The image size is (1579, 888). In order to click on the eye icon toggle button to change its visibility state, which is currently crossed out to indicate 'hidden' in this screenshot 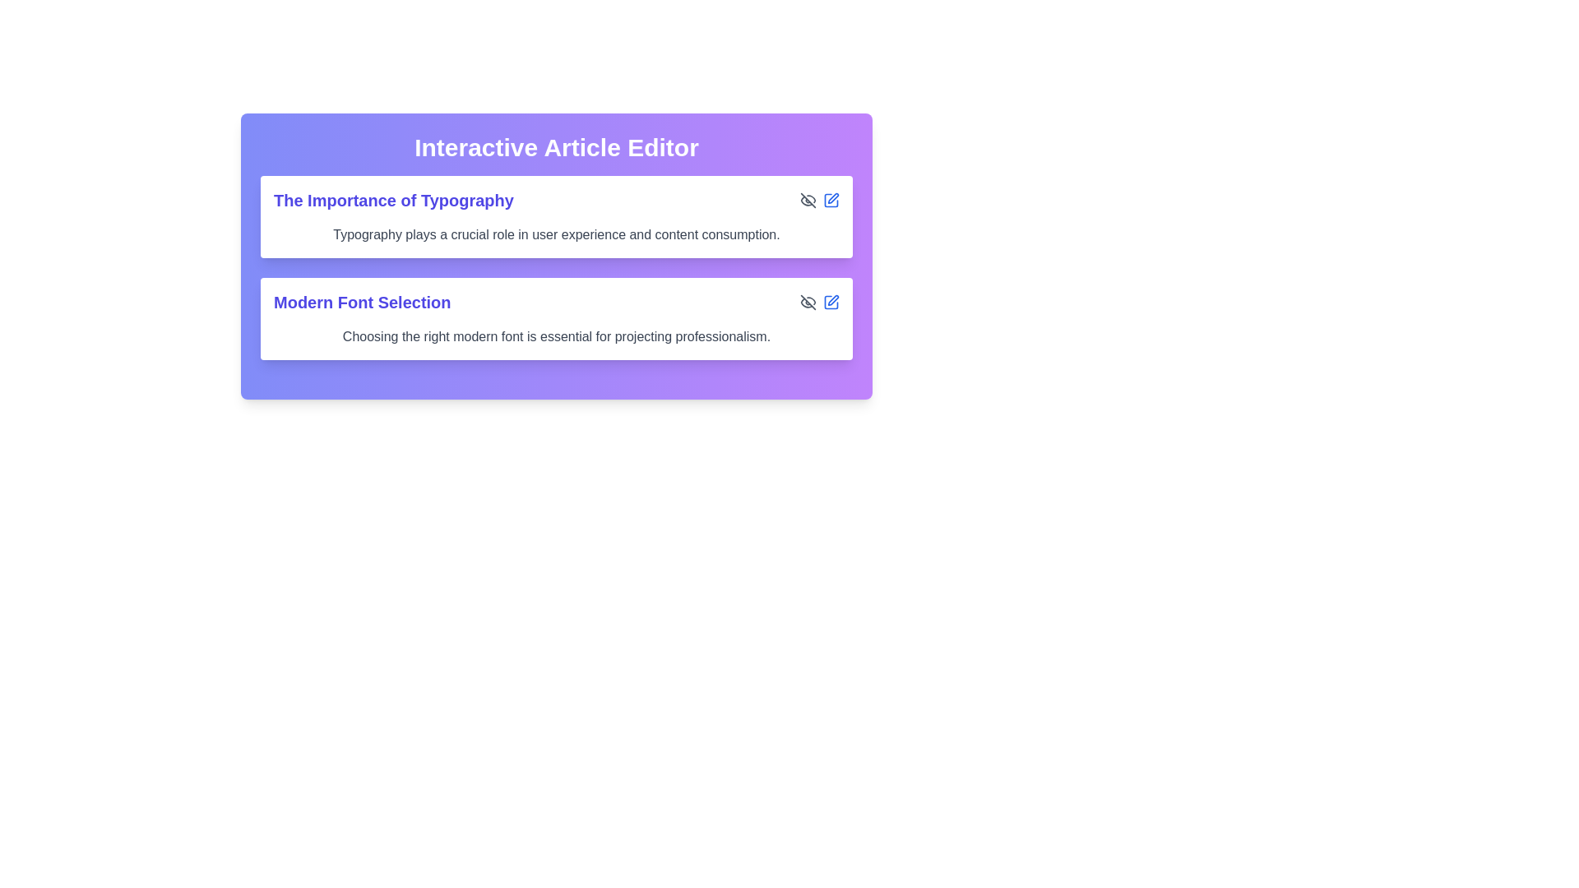, I will do `click(808, 199)`.